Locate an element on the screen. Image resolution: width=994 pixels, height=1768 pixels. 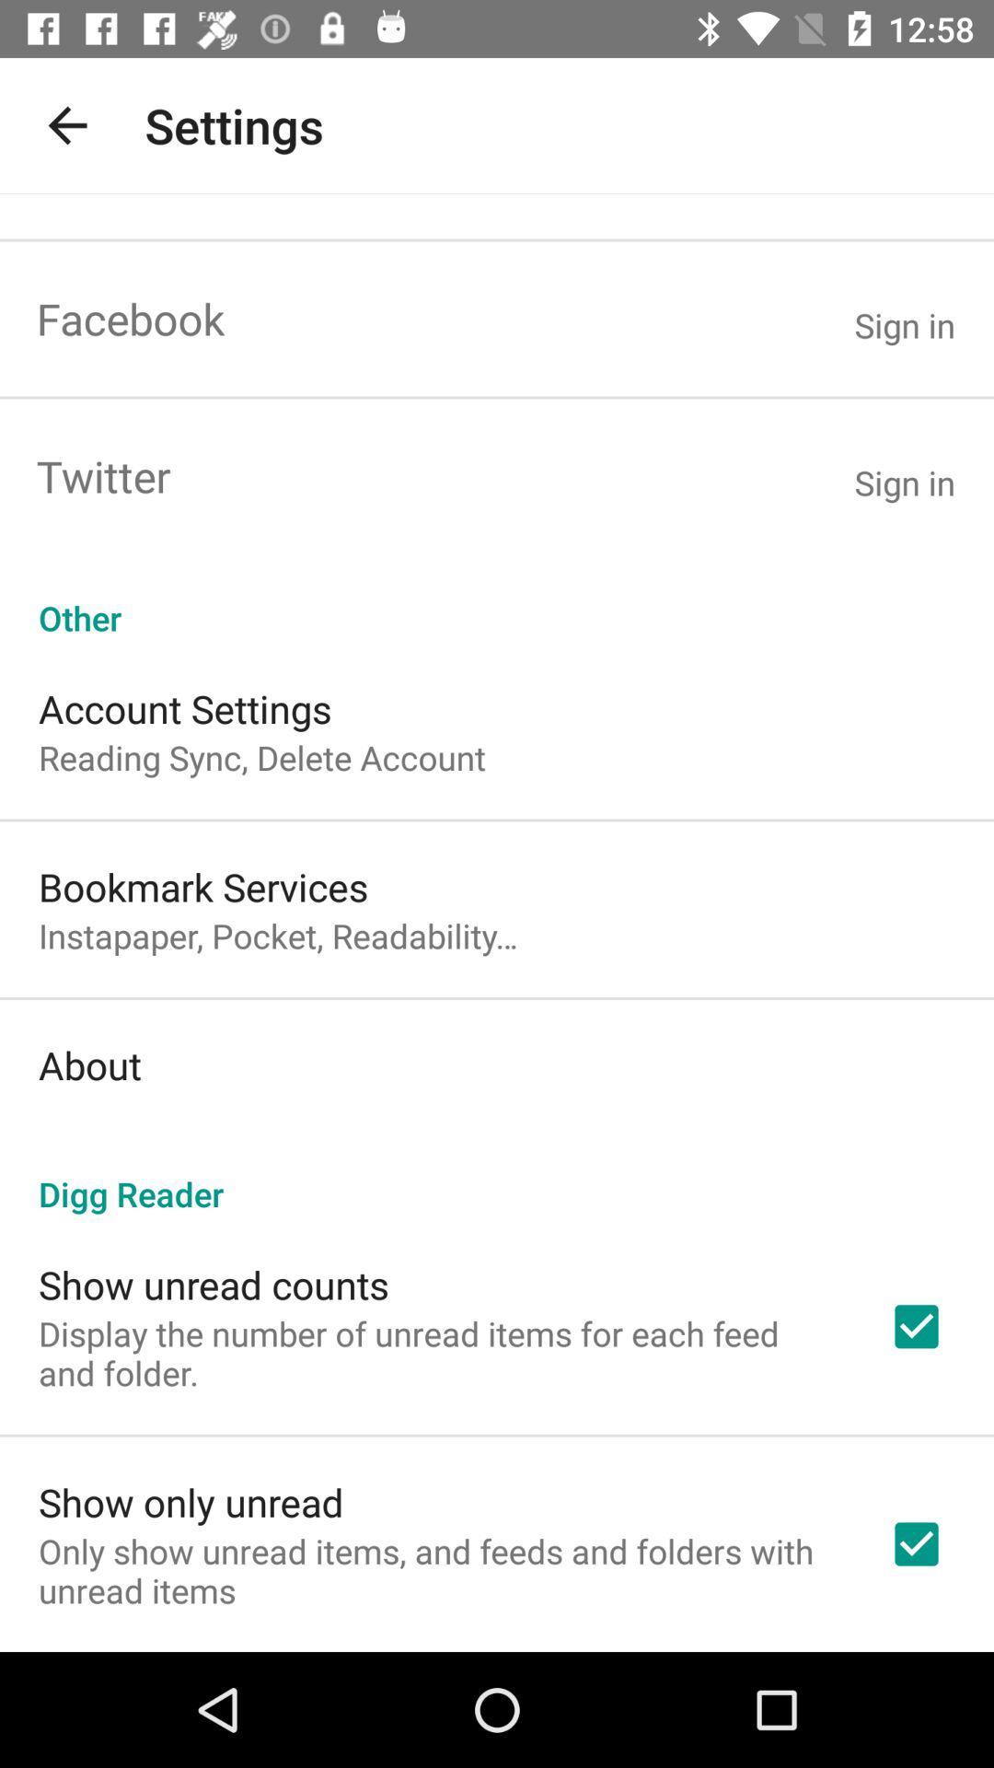
the item to the left of settings is located at coordinates (66, 124).